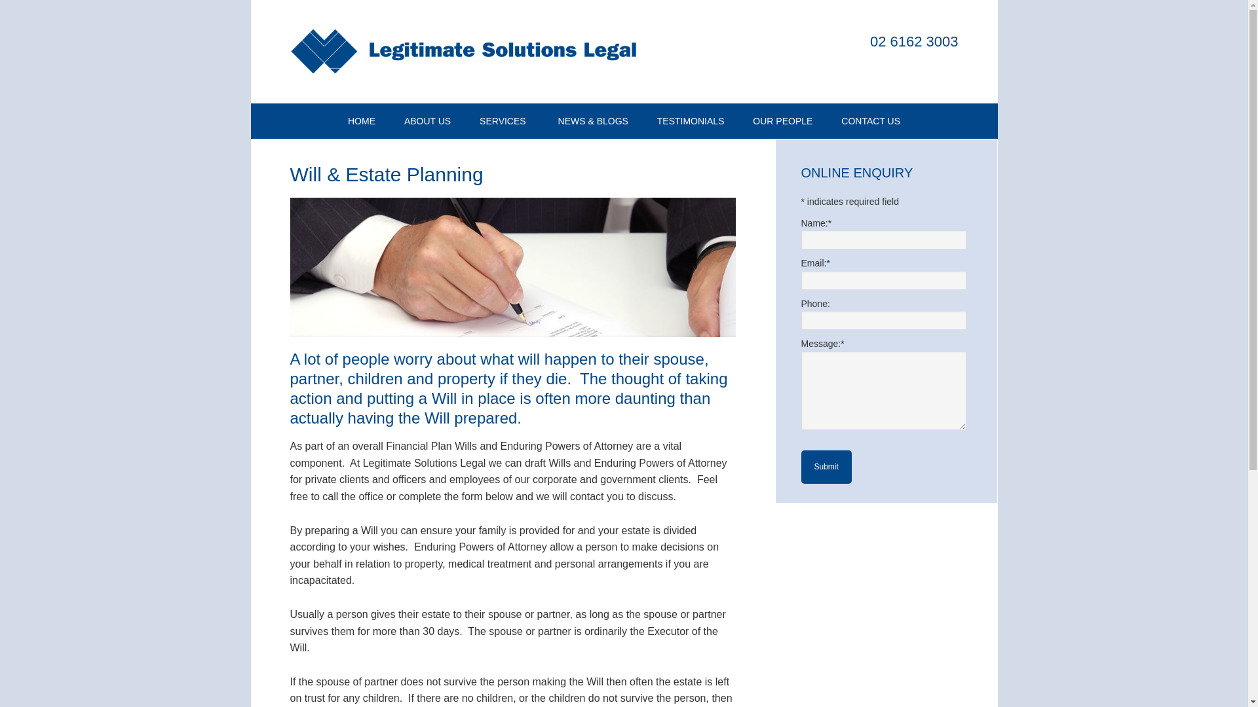  Describe the element at coordinates (592, 121) in the screenshot. I see `'NEWS & BLOGS'` at that location.